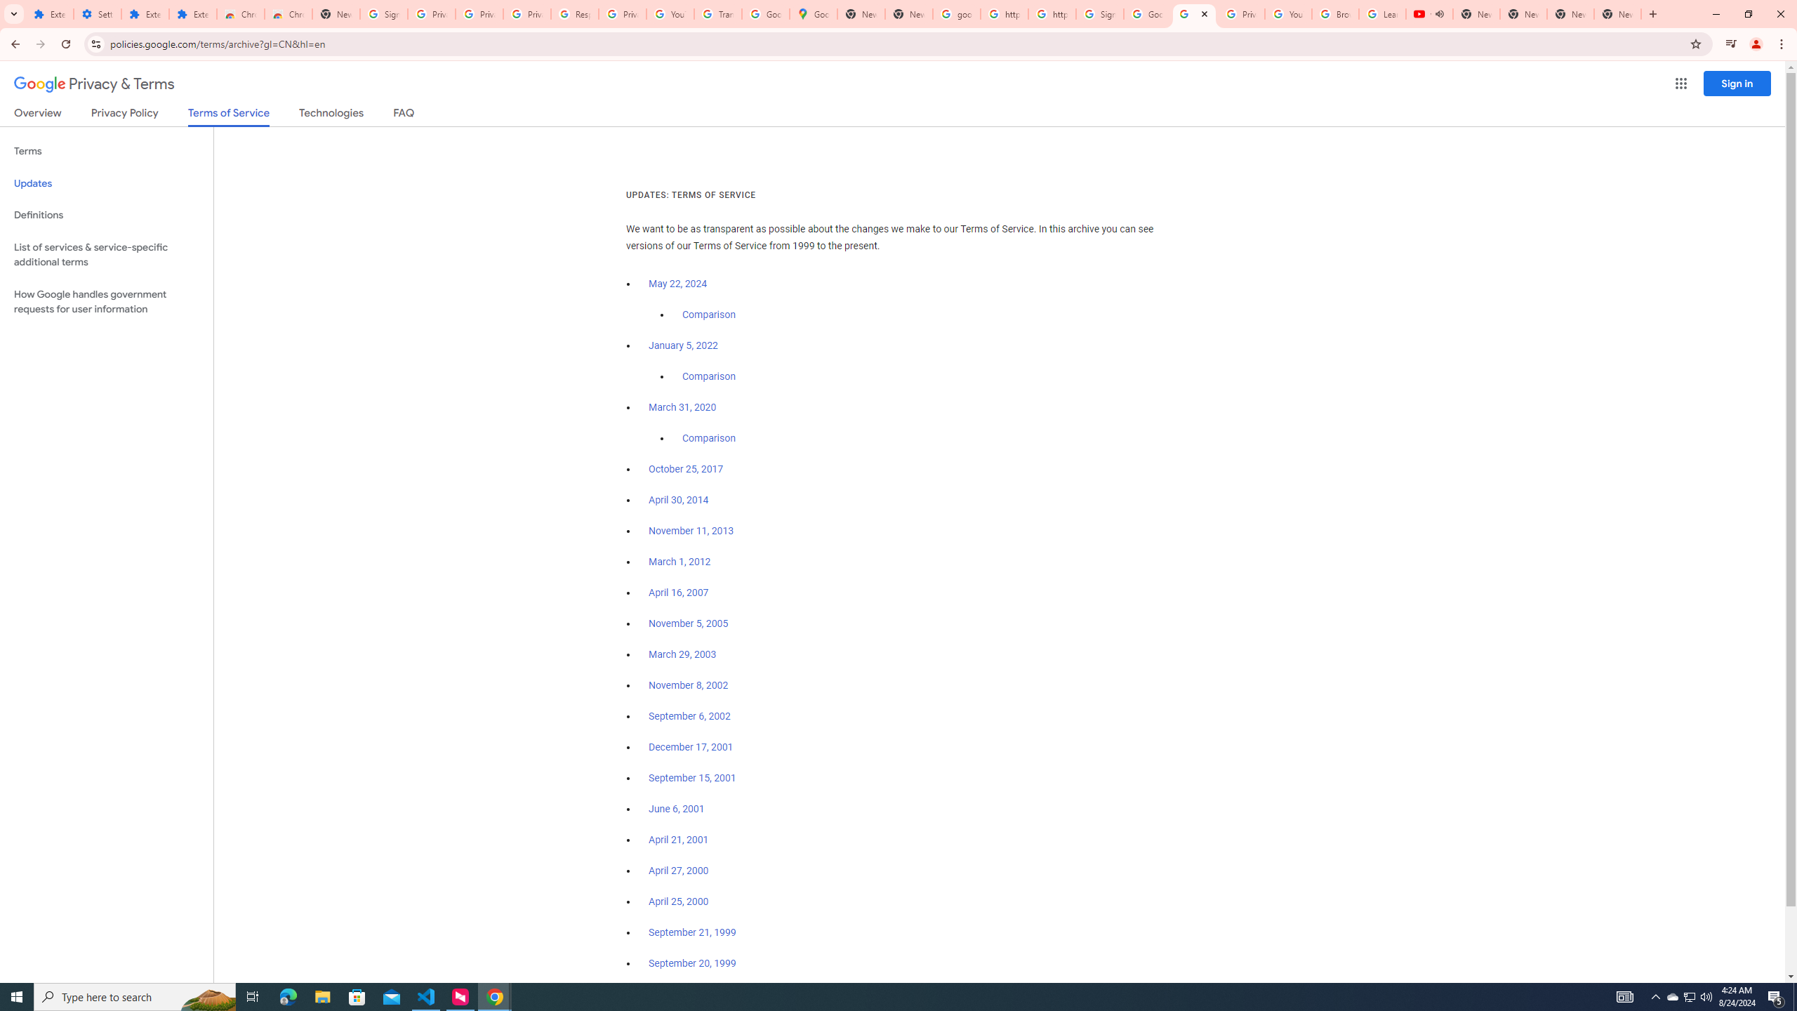 Image resolution: width=1797 pixels, height=1011 pixels. I want to click on 'Terms of Service', so click(228, 116).